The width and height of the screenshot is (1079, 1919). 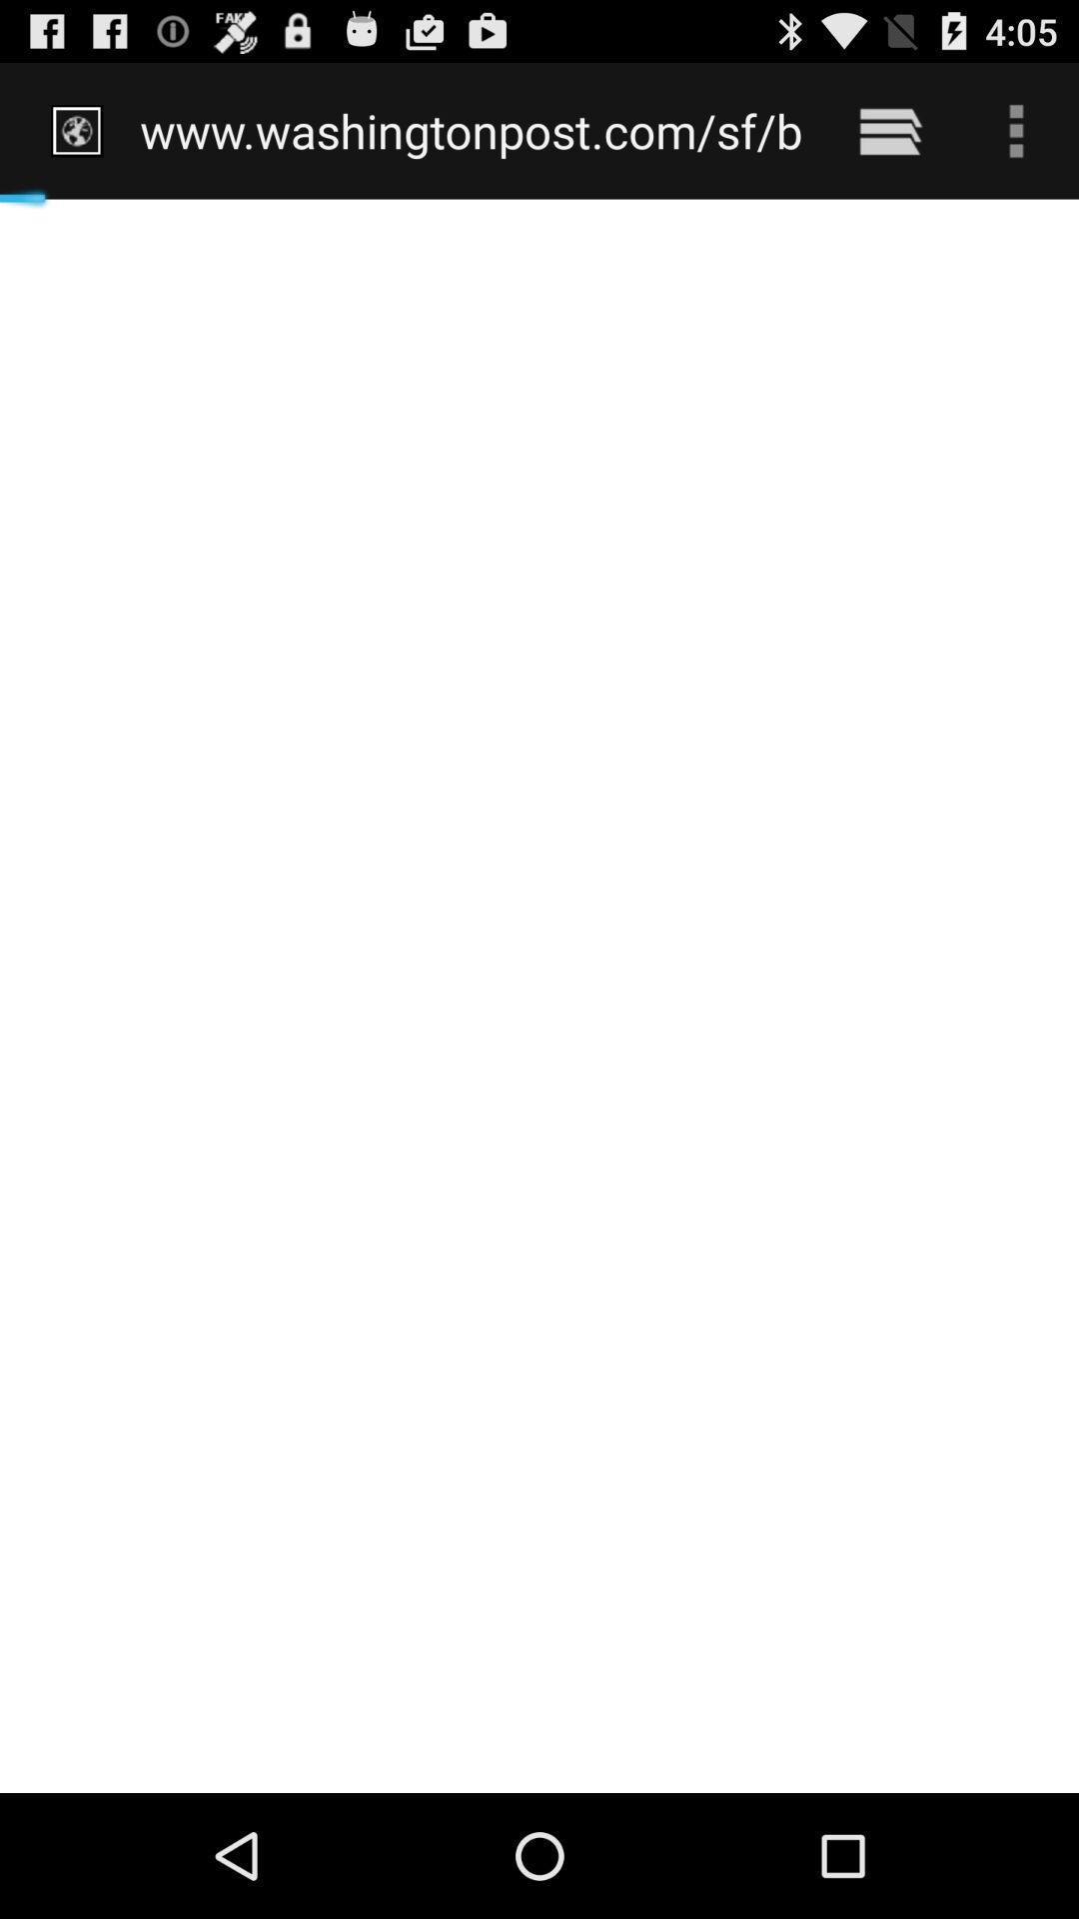 I want to click on the www washingtonpost com icon, so click(x=472, y=130).